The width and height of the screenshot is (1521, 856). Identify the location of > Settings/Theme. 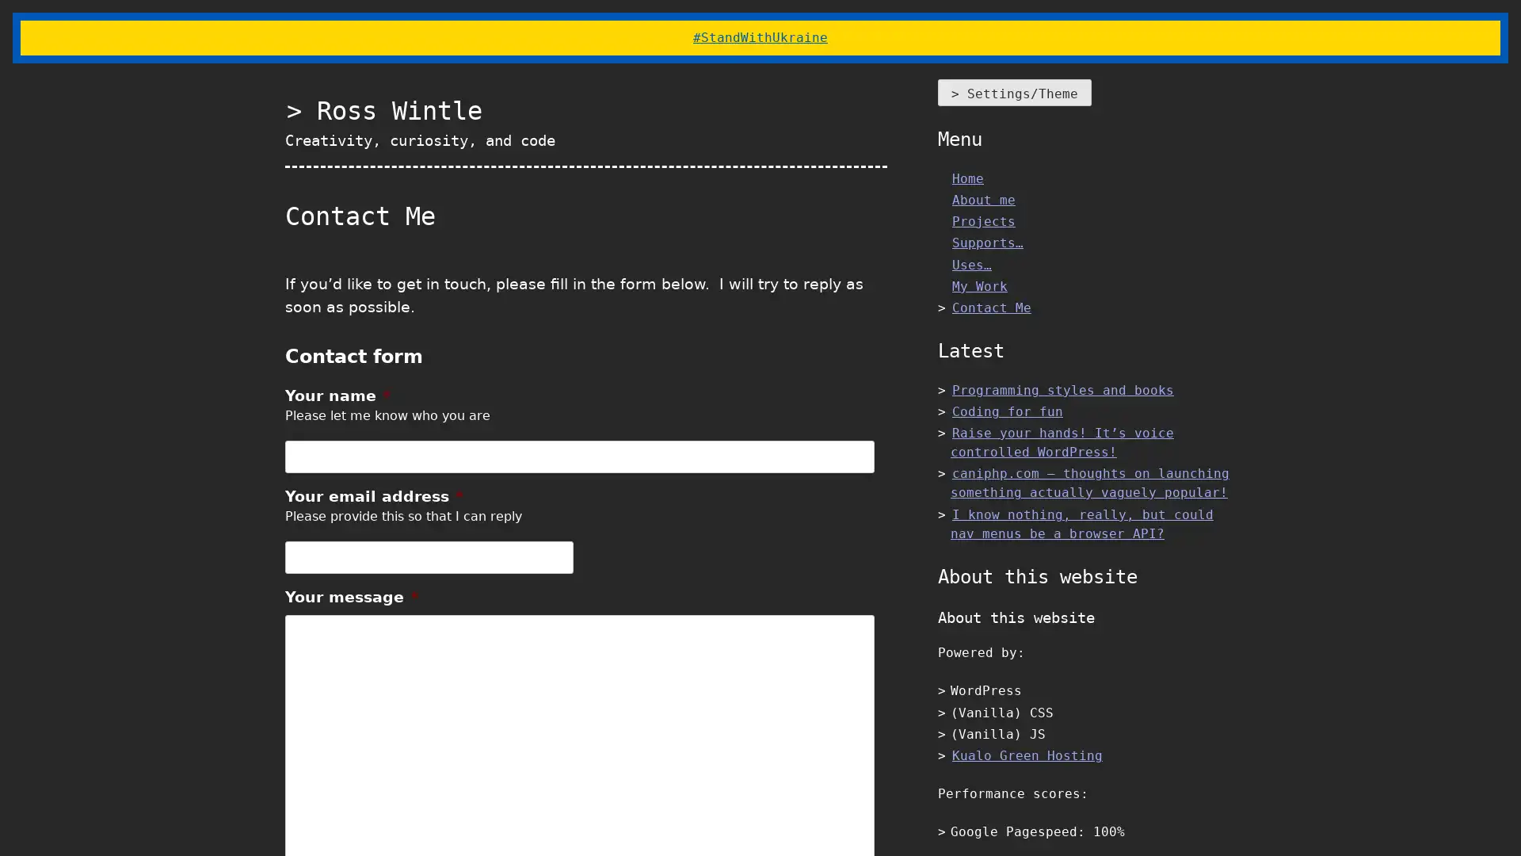
(1015, 92).